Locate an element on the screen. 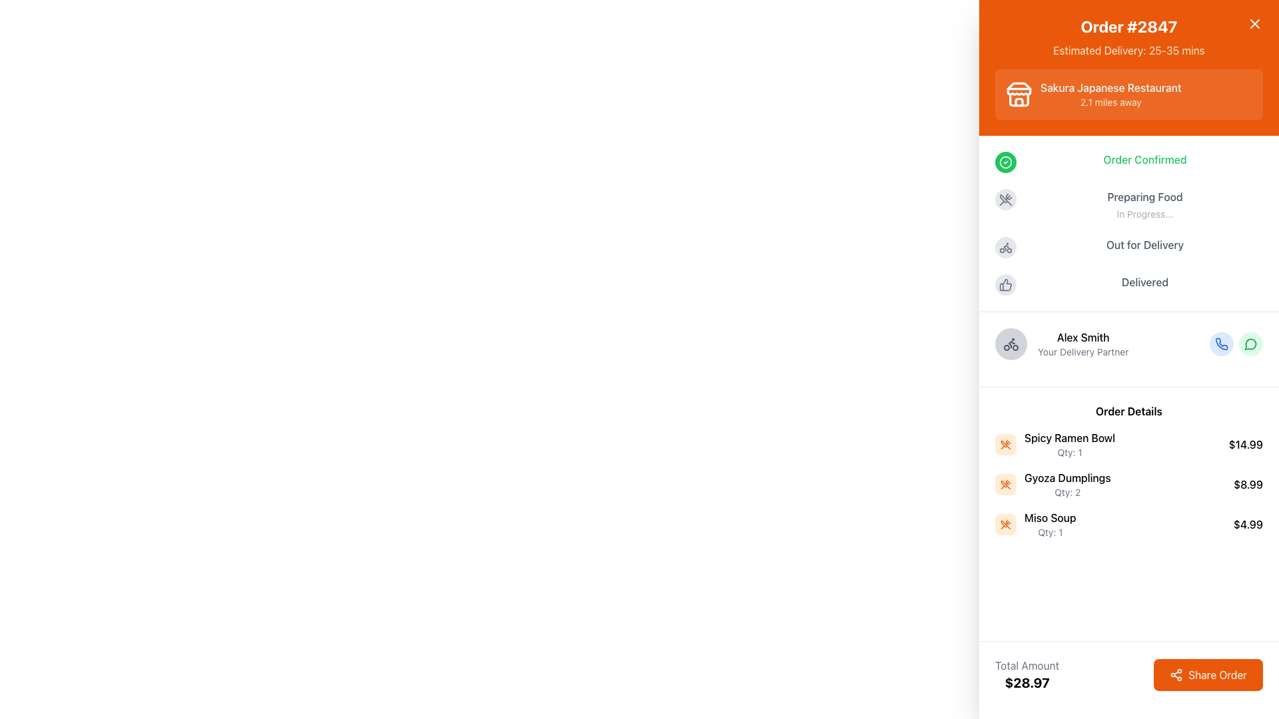 The height and width of the screenshot is (719, 1279). the 'X' icon button located in the top-right corner of the application layout is located at coordinates (1254, 23).